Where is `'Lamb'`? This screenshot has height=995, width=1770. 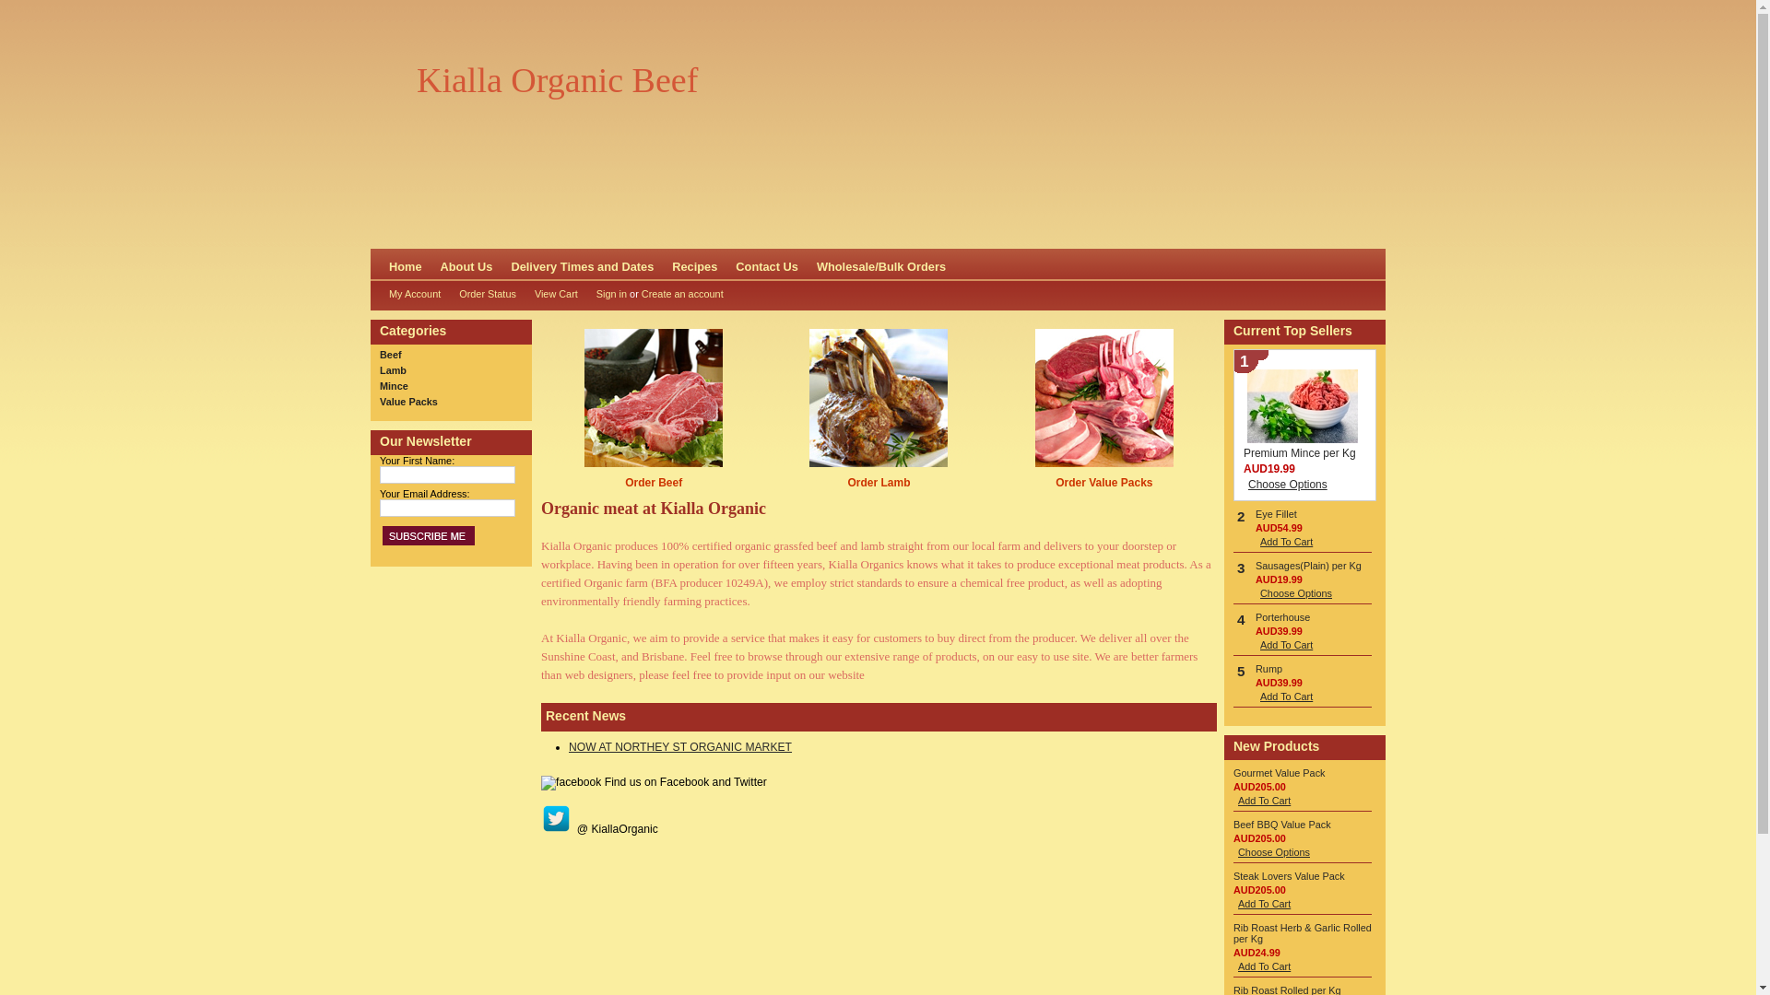
'Lamb' is located at coordinates (379, 369).